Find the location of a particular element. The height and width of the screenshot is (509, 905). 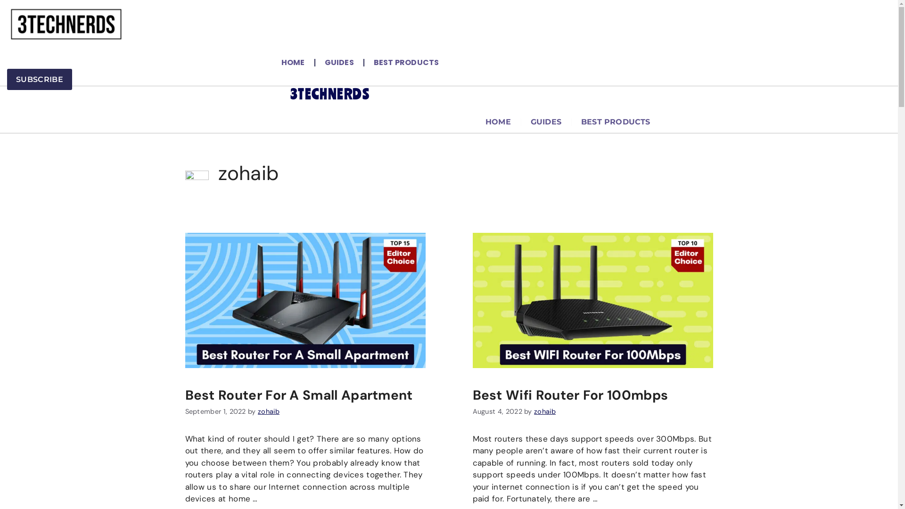

'HOME' is located at coordinates (293, 62).